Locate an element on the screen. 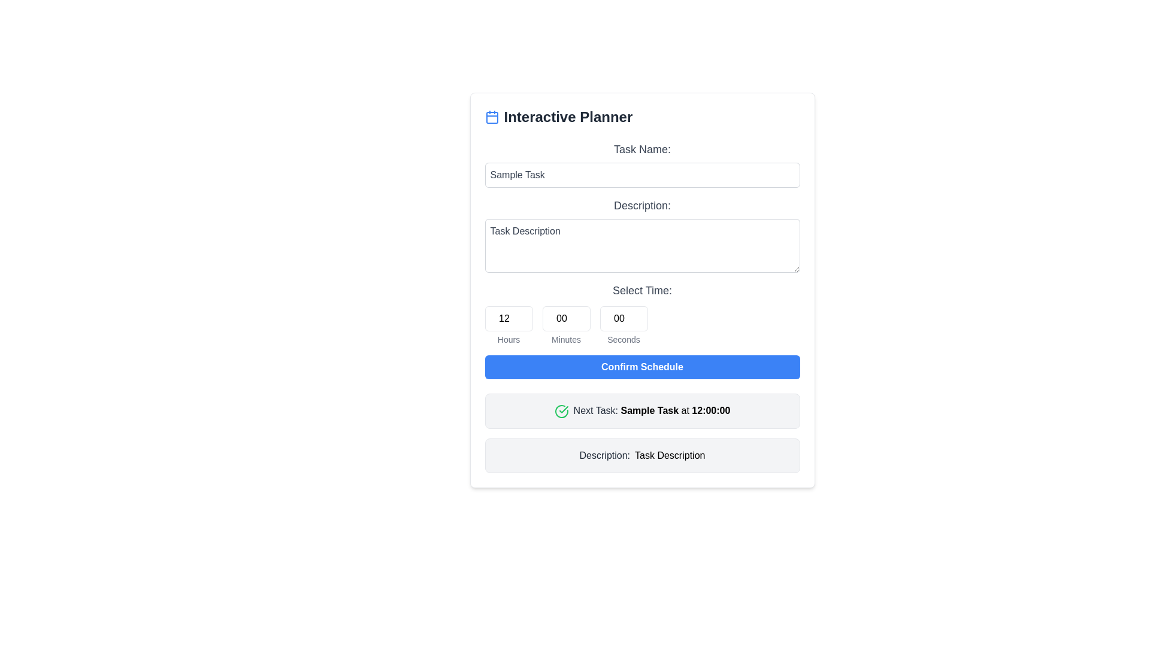  the Text Label that indicates the corresponding field for specifying hours, located below the numeric input for hours in the vertical layout of time value input fields is located at coordinates (509, 339).